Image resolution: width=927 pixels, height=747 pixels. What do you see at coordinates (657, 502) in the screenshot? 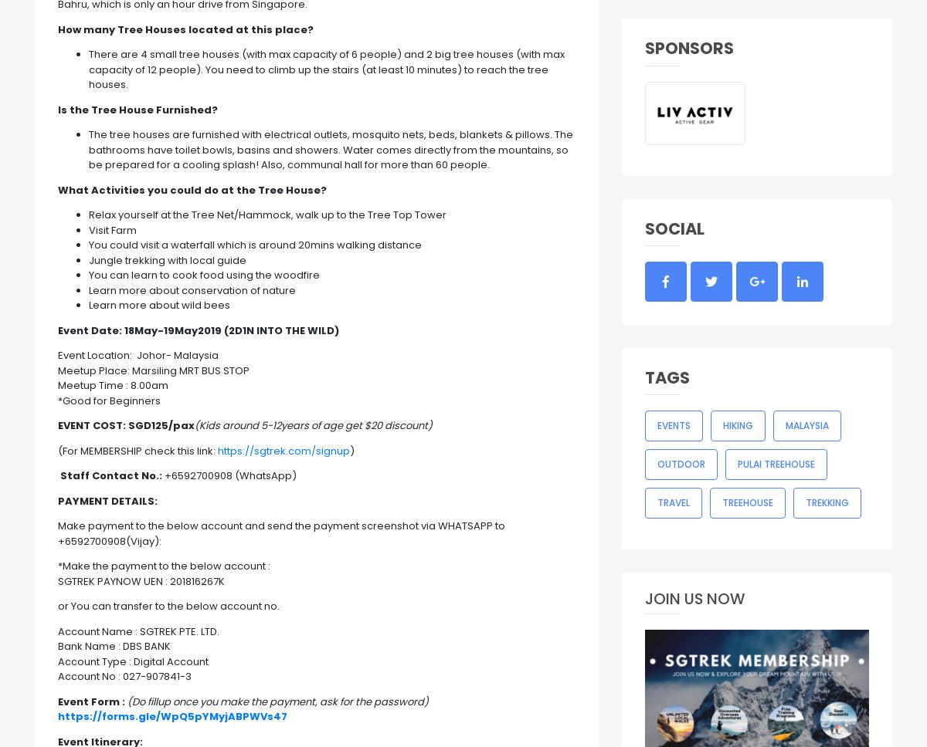
I see `'Travel'` at bounding box center [657, 502].